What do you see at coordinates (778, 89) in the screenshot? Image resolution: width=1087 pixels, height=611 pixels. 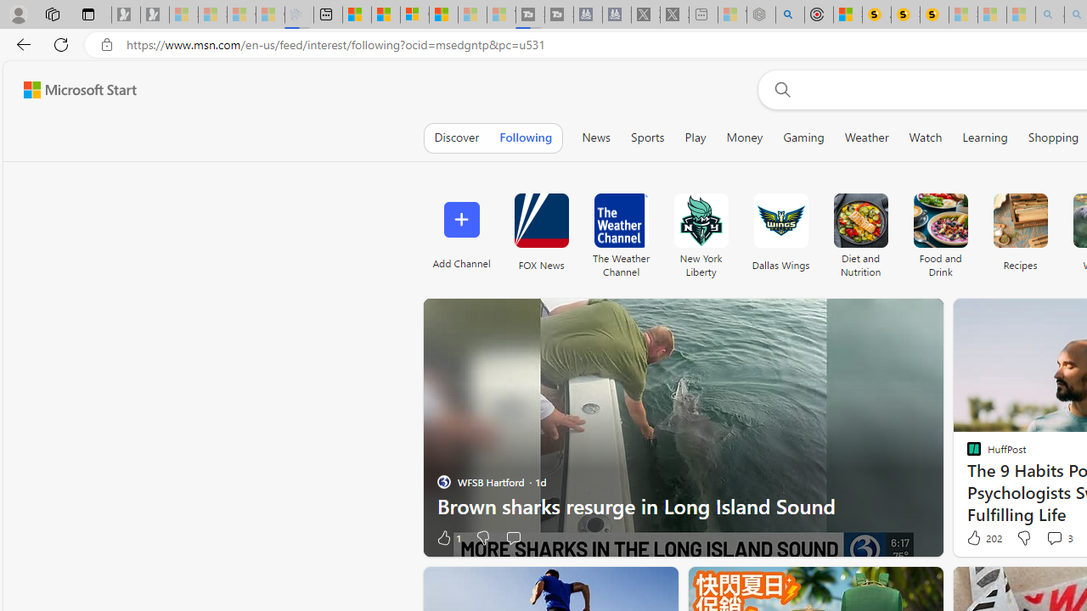 I see `'Web search'` at bounding box center [778, 89].